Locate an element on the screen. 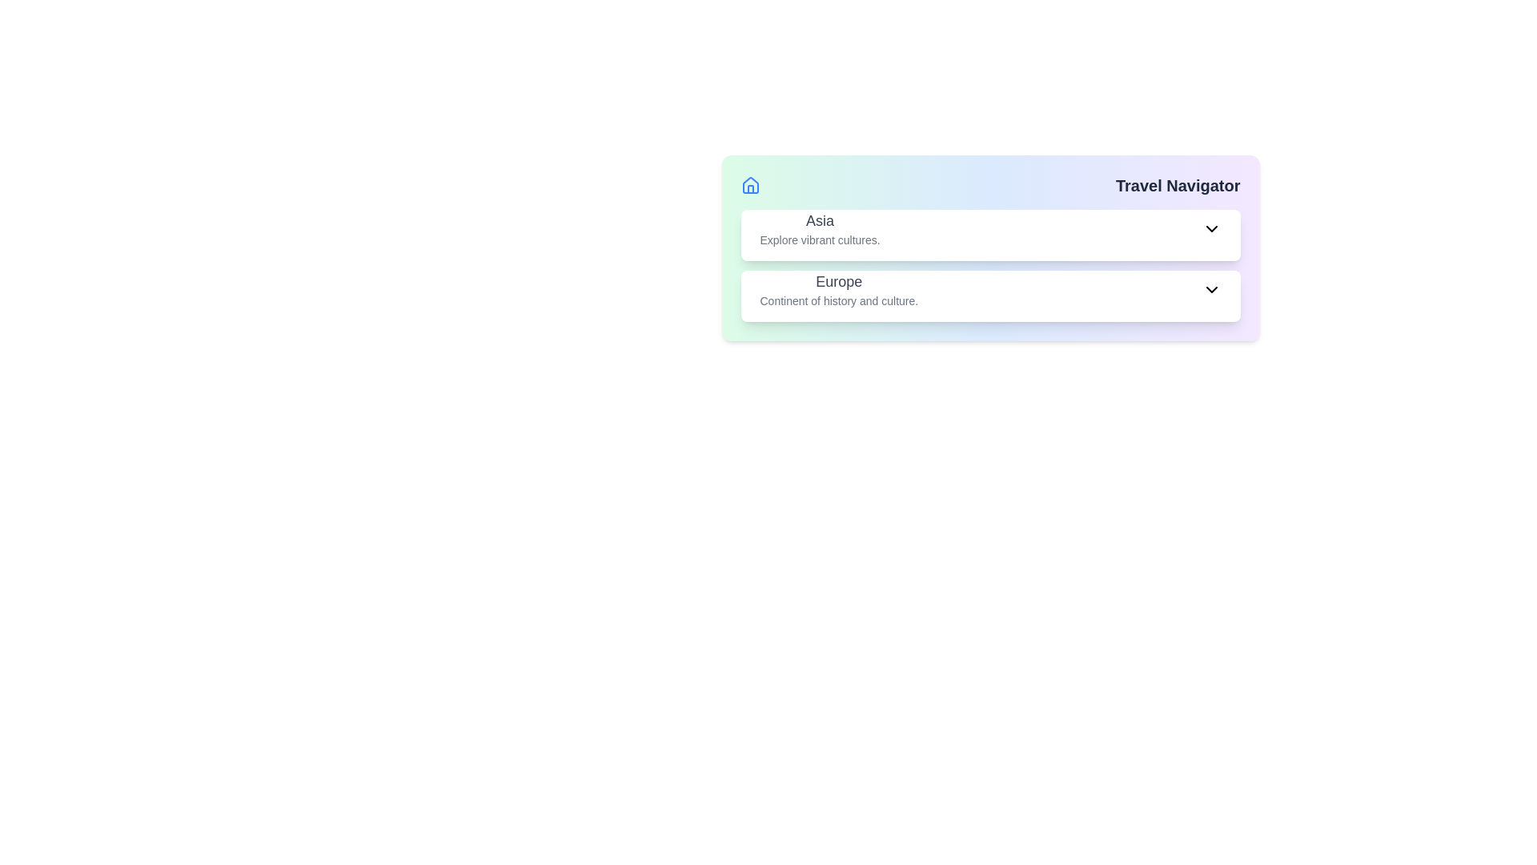 This screenshot has height=865, width=1537. bold text label 'Travel Navigator' located in the top-right corner of the card-like layout is located at coordinates (1178, 184).